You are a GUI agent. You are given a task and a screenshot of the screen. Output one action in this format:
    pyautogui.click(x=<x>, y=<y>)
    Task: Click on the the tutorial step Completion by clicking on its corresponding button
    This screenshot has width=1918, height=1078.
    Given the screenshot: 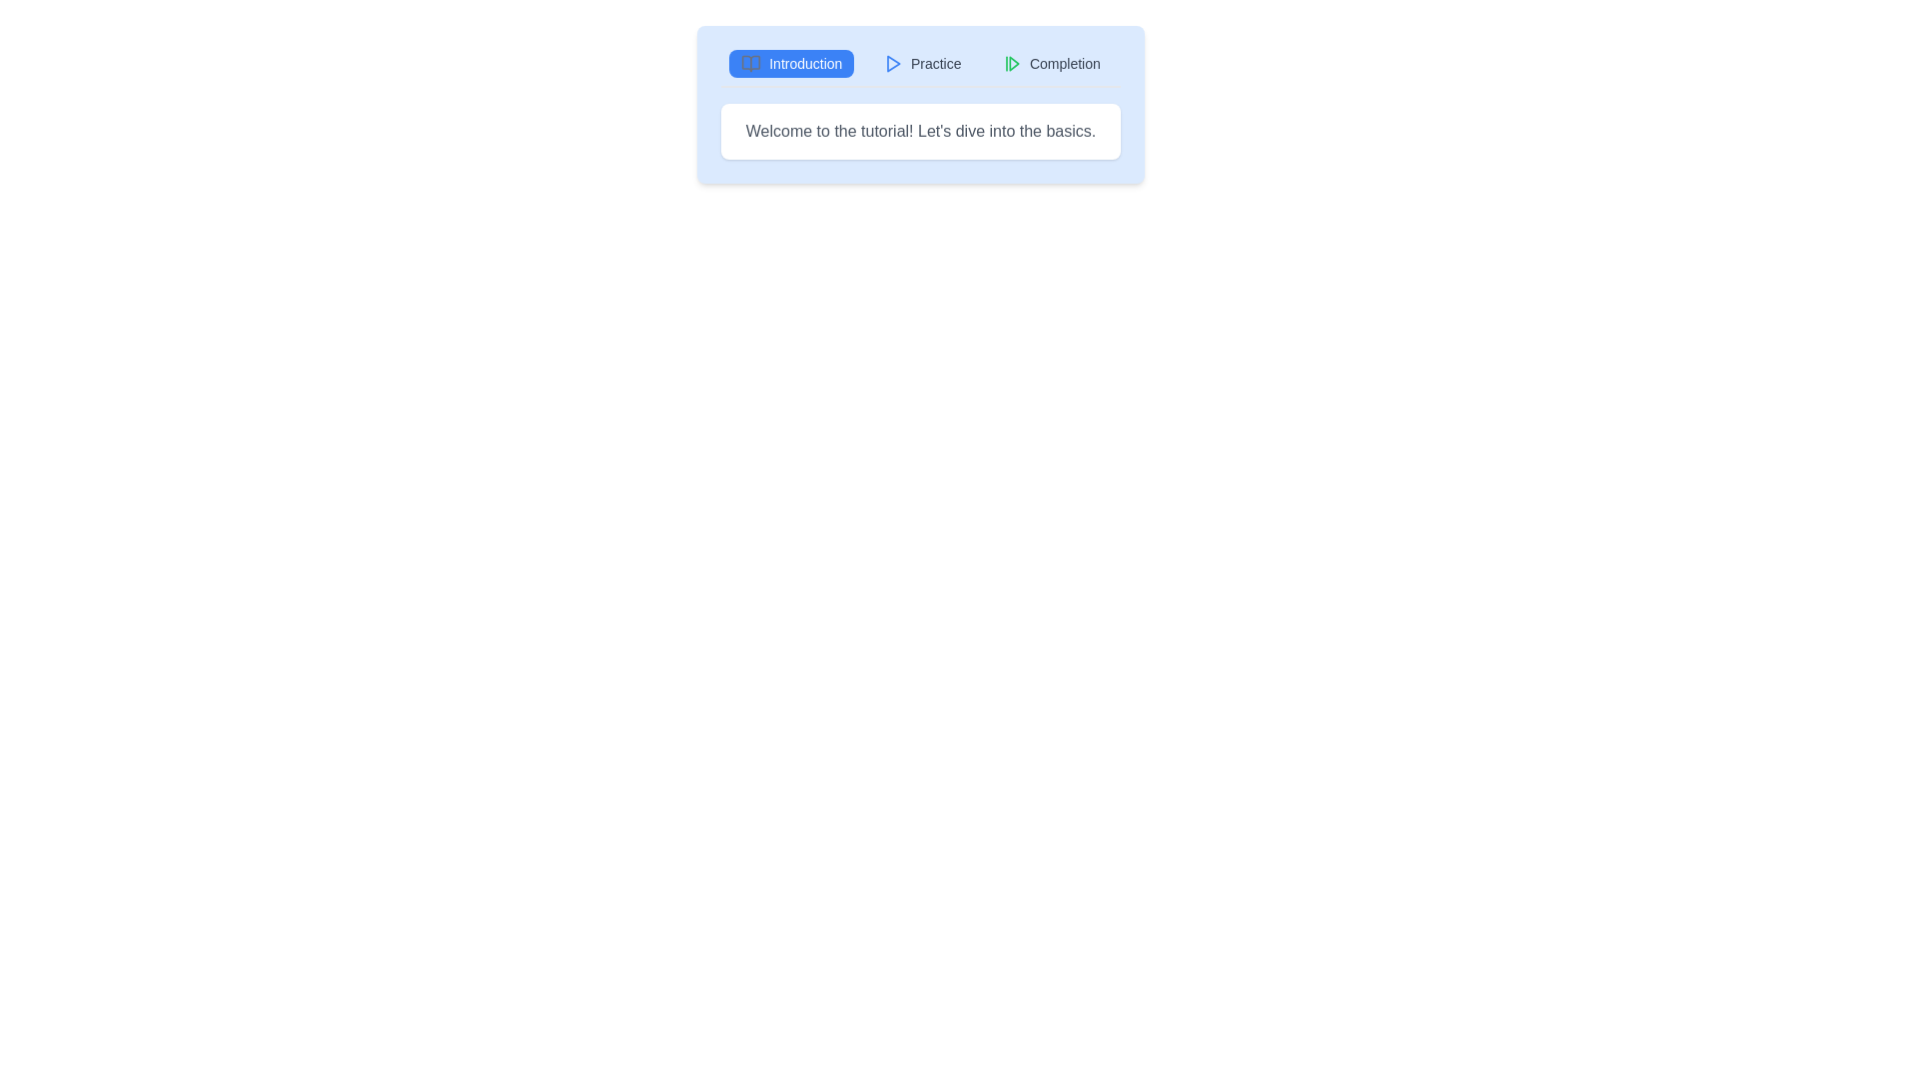 What is the action you would take?
    pyautogui.click(x=1050, y=63)
    